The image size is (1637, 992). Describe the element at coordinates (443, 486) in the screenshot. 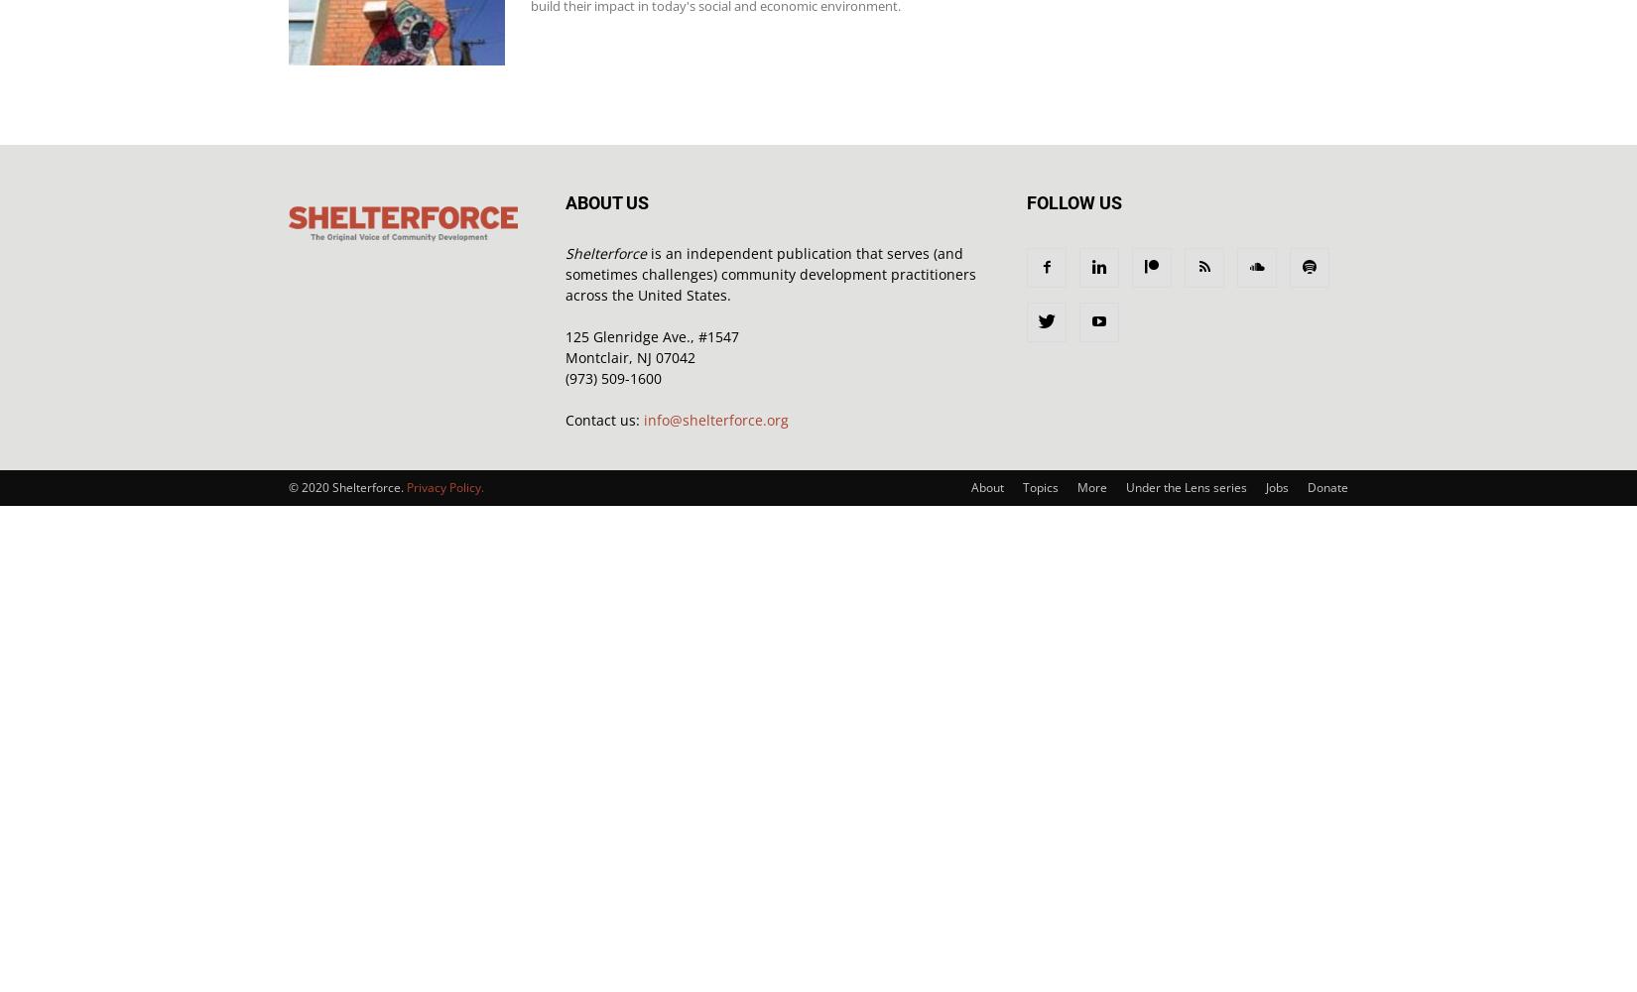

I see `'Privacy Policy.'` at that location.